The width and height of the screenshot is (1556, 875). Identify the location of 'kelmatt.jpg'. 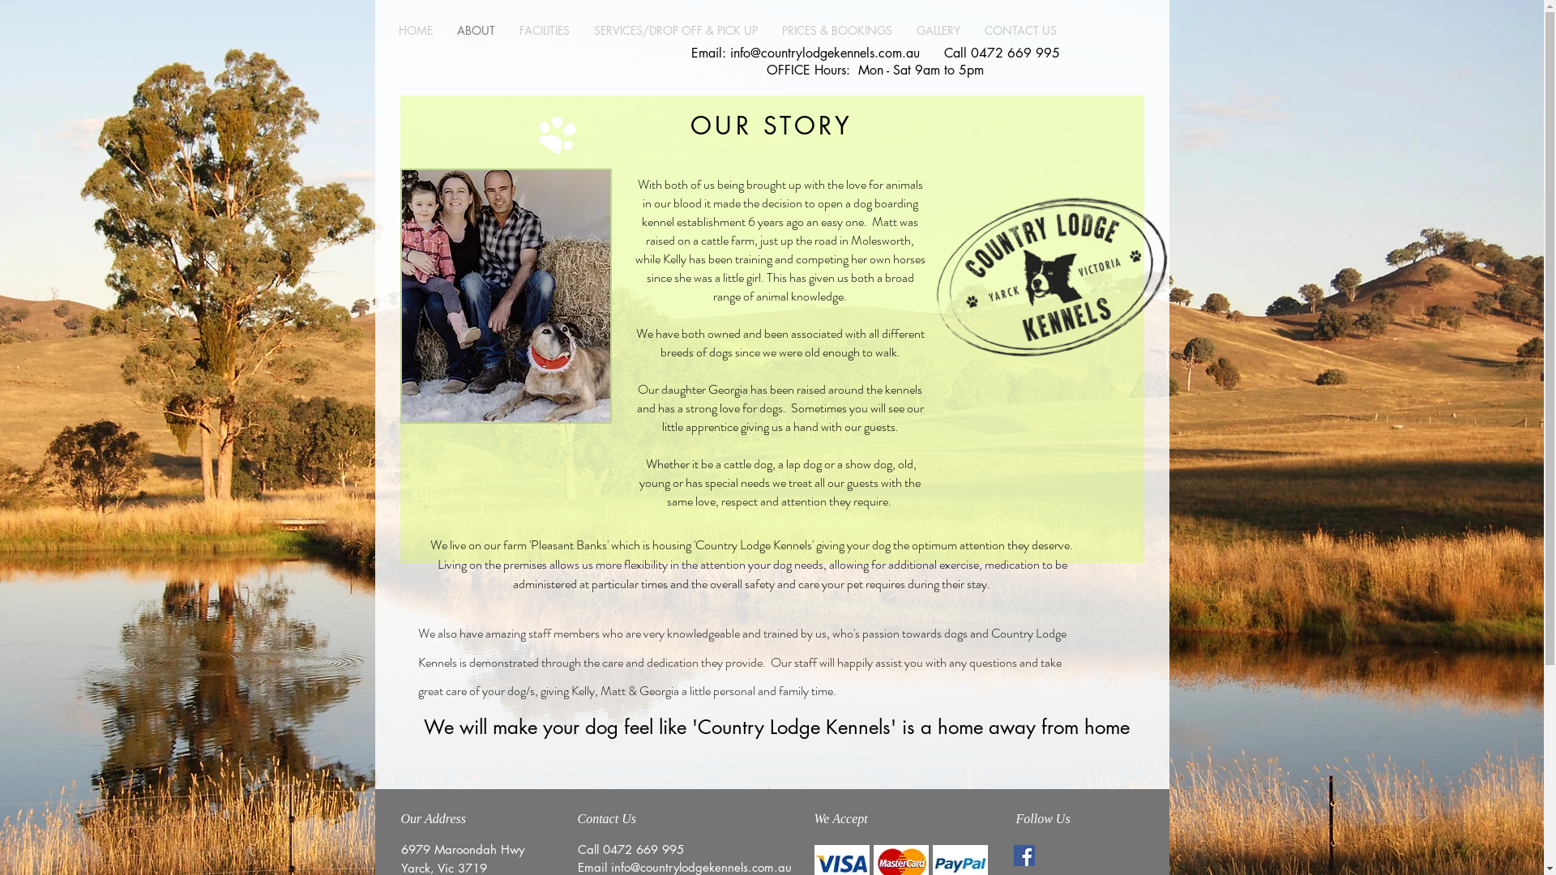
(400, 296).